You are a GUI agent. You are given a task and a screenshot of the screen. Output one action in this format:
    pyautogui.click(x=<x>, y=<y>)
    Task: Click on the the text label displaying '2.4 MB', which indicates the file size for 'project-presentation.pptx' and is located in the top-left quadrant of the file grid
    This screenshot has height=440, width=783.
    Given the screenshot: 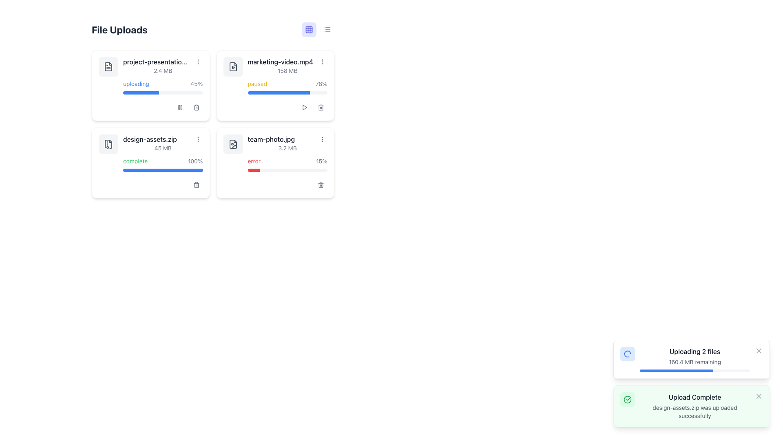 What is the action you would take?
    pyautogui.click(x=163, y=70)
    